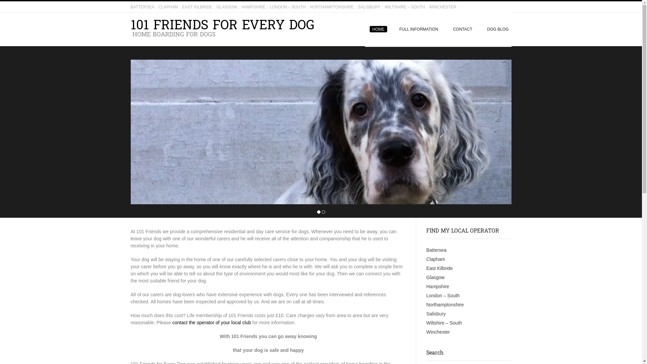 This screenshot has height=364, width=647. What do you see at coordinates (211, 322) in the screenshot?
I see `'contact the operator of your local club'` at bounding box center [211, 322].